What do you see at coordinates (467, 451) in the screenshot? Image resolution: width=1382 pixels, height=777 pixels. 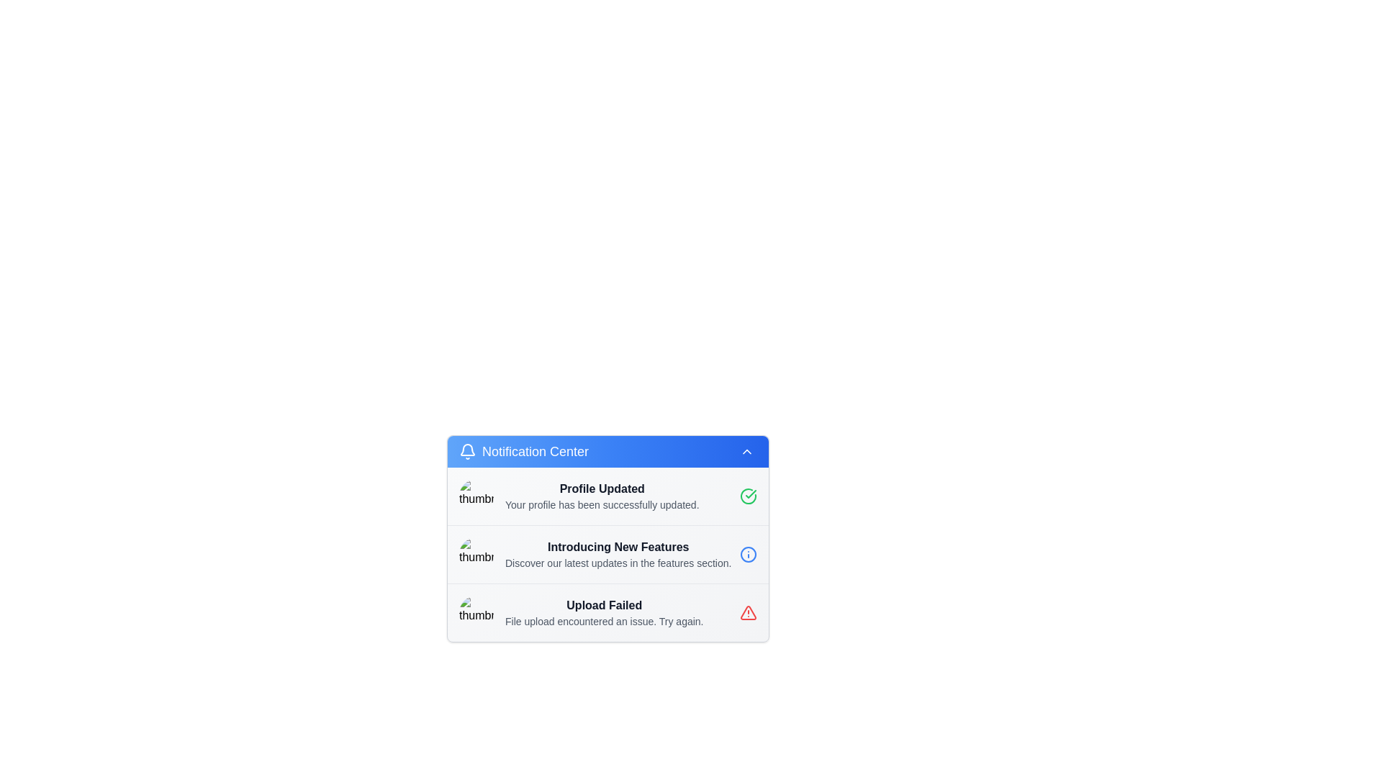 I see `the Notification Bell icon located on the left side of the header section labeled 'Notification Center', which indicates notifications and alerts` at bounding box center [467, 451].